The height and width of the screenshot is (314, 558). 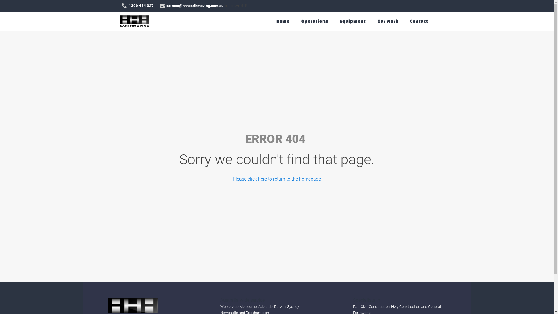 What do you see at coordinates (121, 6) in the screenshot?
I see `'1300 444 327'` at bounding box center [121, 6].